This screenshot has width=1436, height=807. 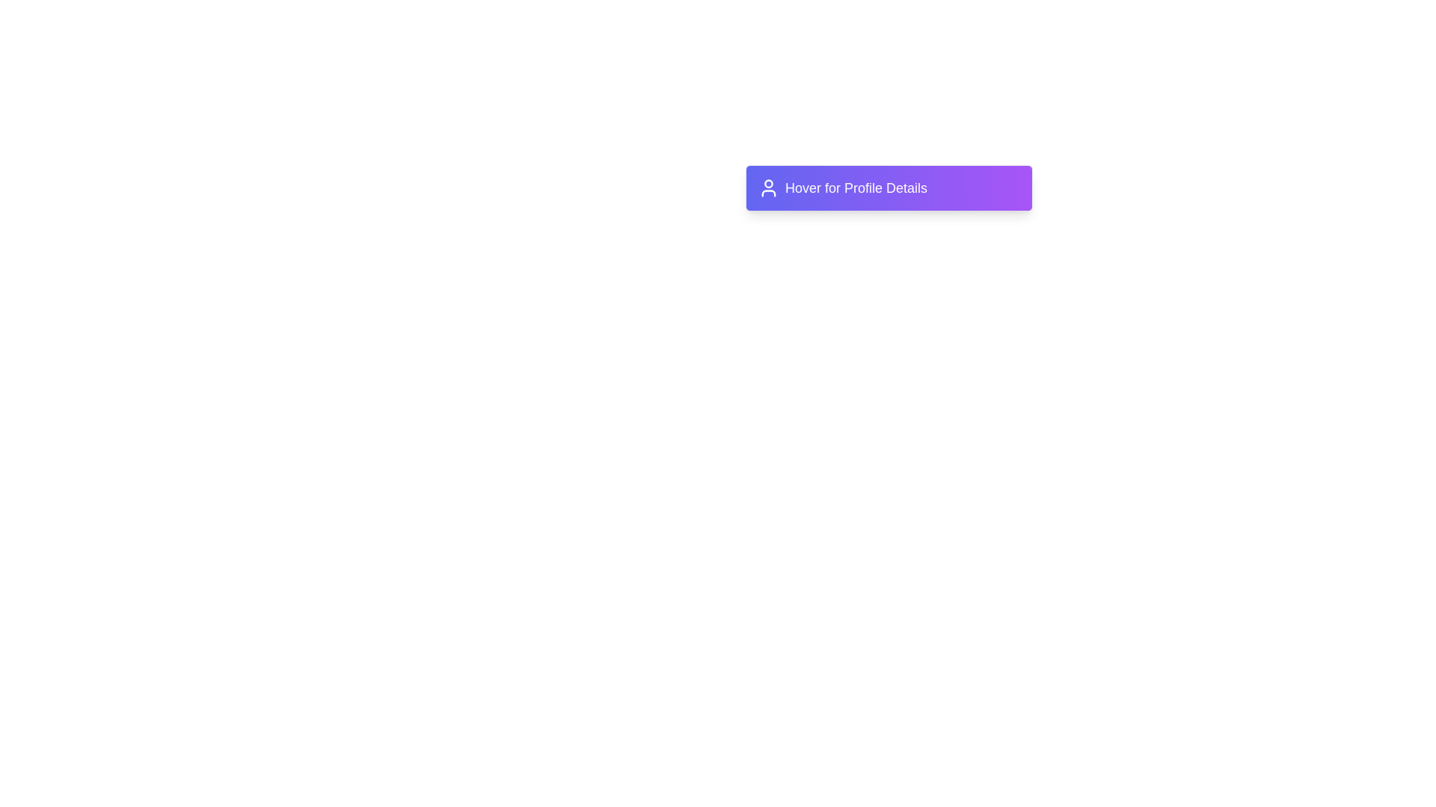 What do you see at coordinates (889, 187) in the screenshot?
I see `the interactive text element that displays 'Hover for Profile Details'` at bounding box center [889, 187].